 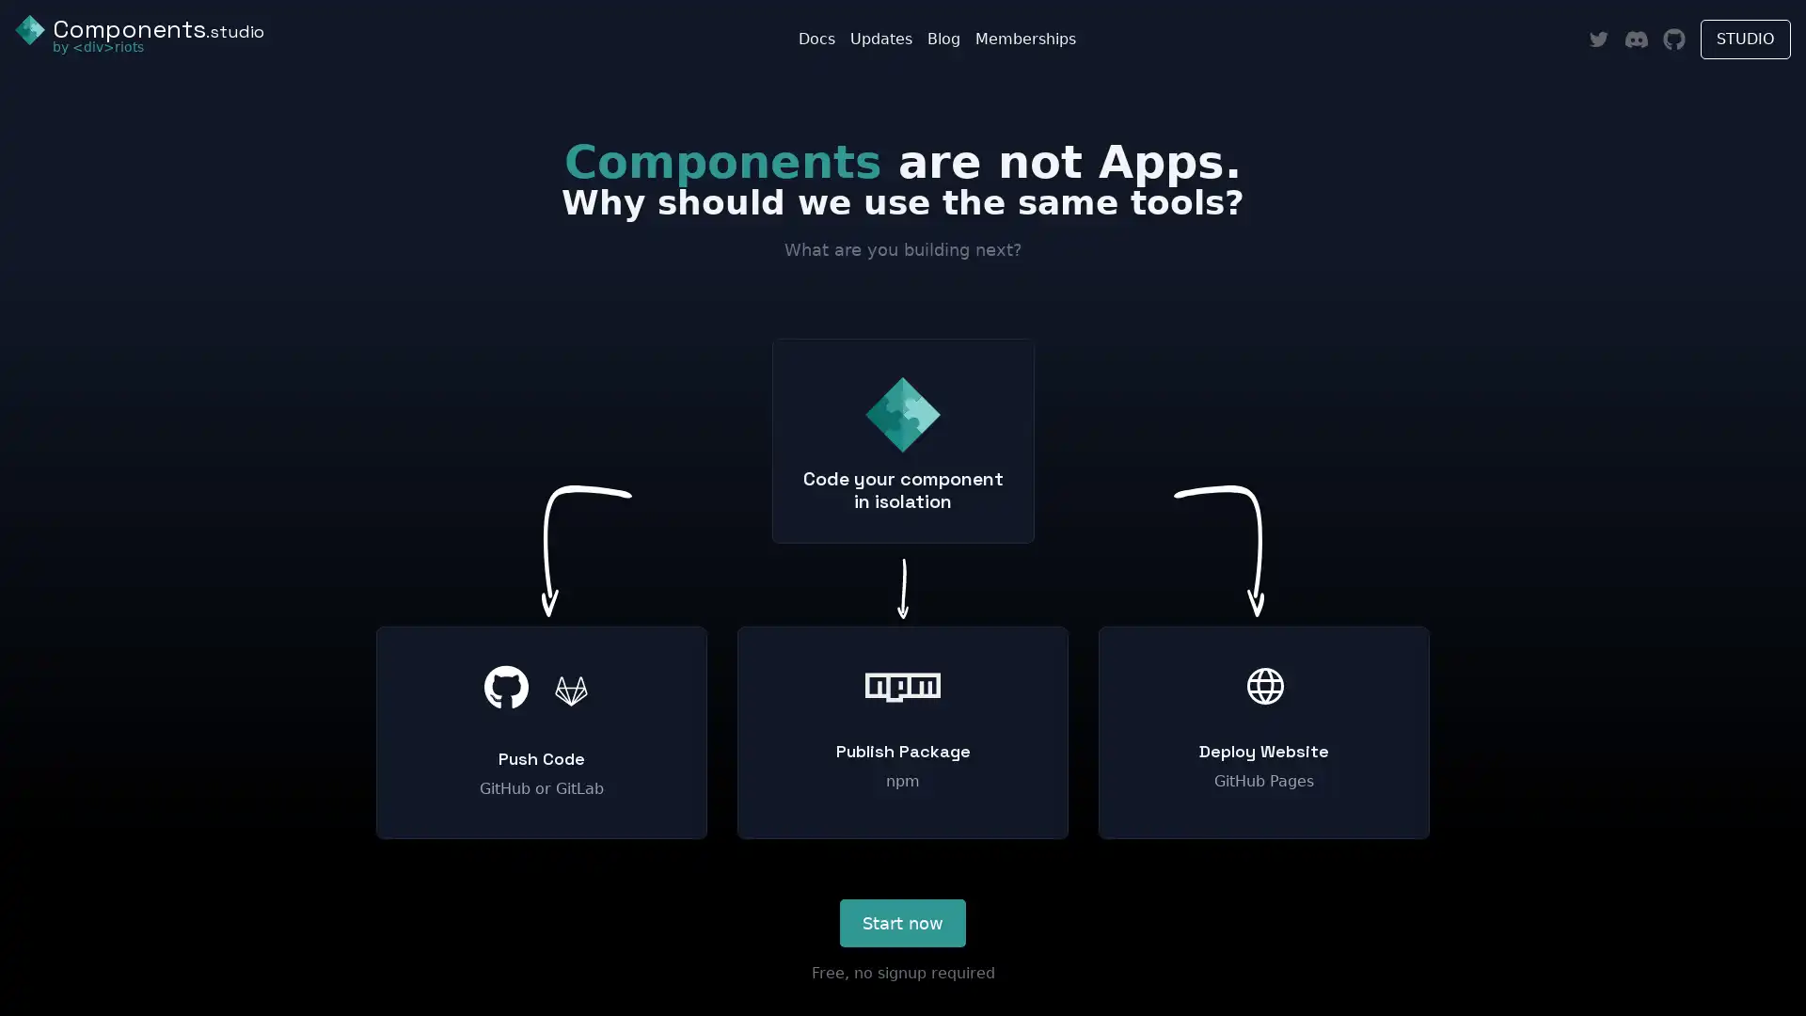 What do you see at coordinates (903, 922) in the screenshot?
I see `Start now` at bounding box center [903, 922].